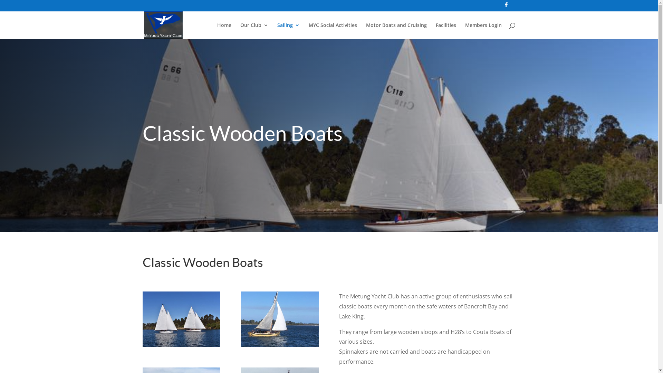 The image size is (663, 373). I want to click on 'Our Club', so click(254, 30).